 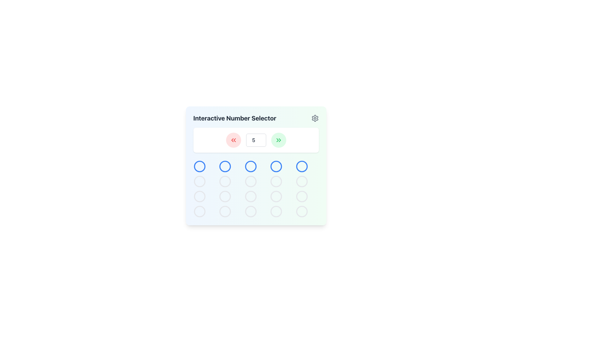 I want to click on the visual indicator in the third row and fourth column of the interactive number selector grid, which indicates a selected or active state, so click(x=276, y=181).